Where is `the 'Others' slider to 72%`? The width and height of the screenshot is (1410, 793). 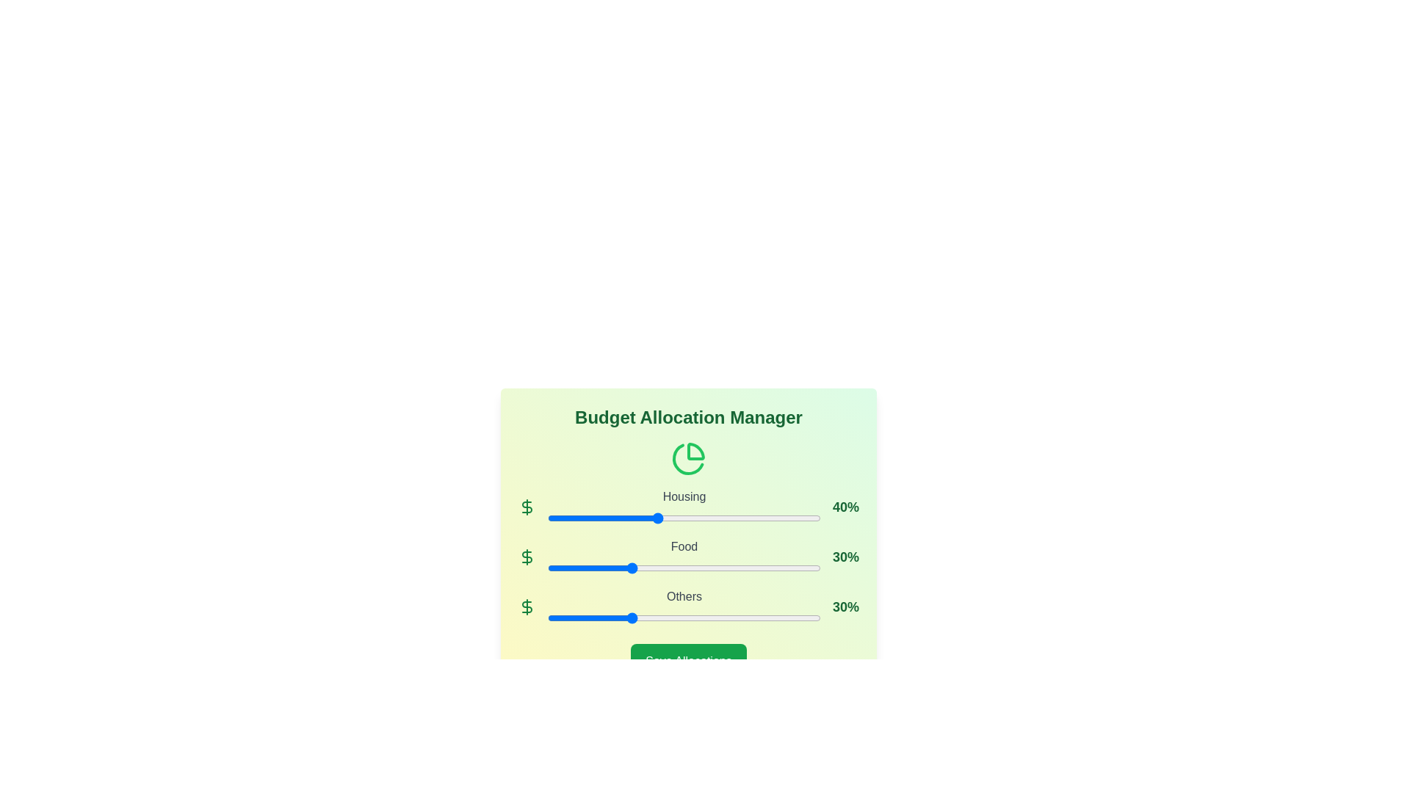
the 'Others' slider to 72% is located at coordinates (744, 618).